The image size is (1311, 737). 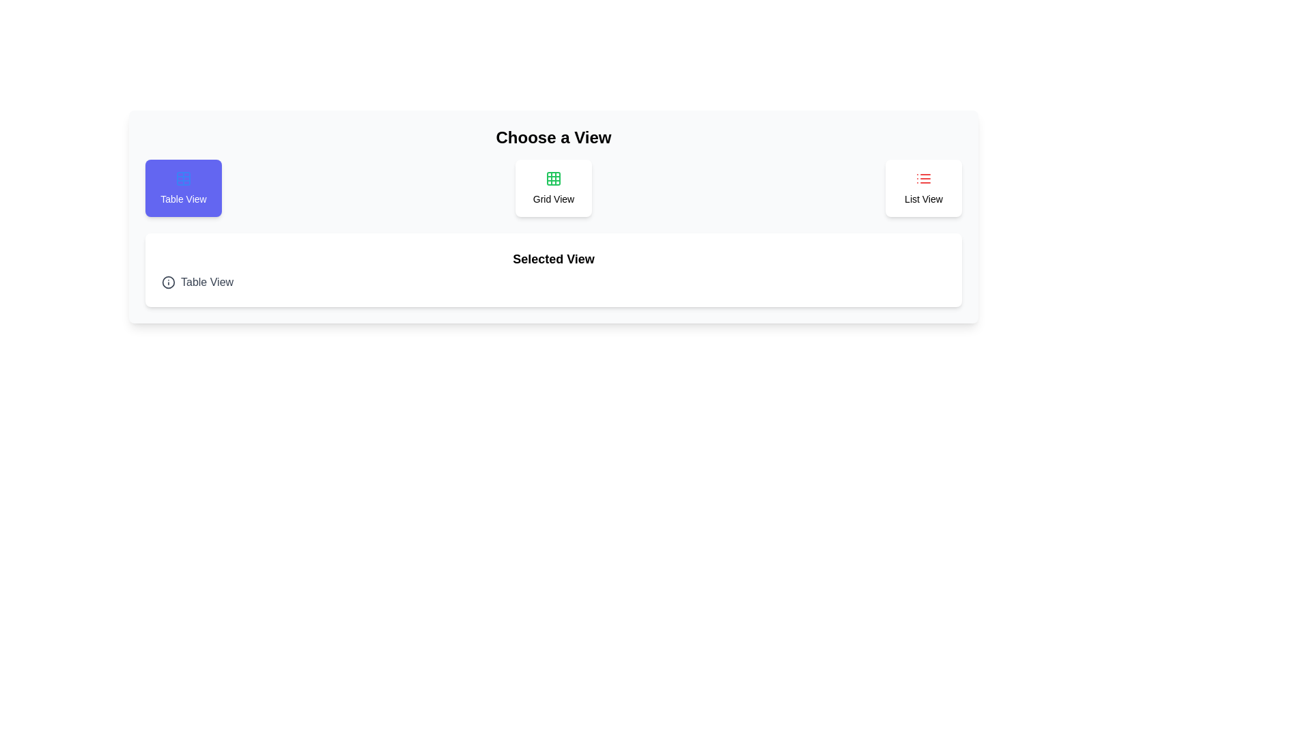 I want to click on text displayed on the 'Grid View' label, which describes the purpose of the corresponding button in the layout selector row, so click(x=554, y=199).